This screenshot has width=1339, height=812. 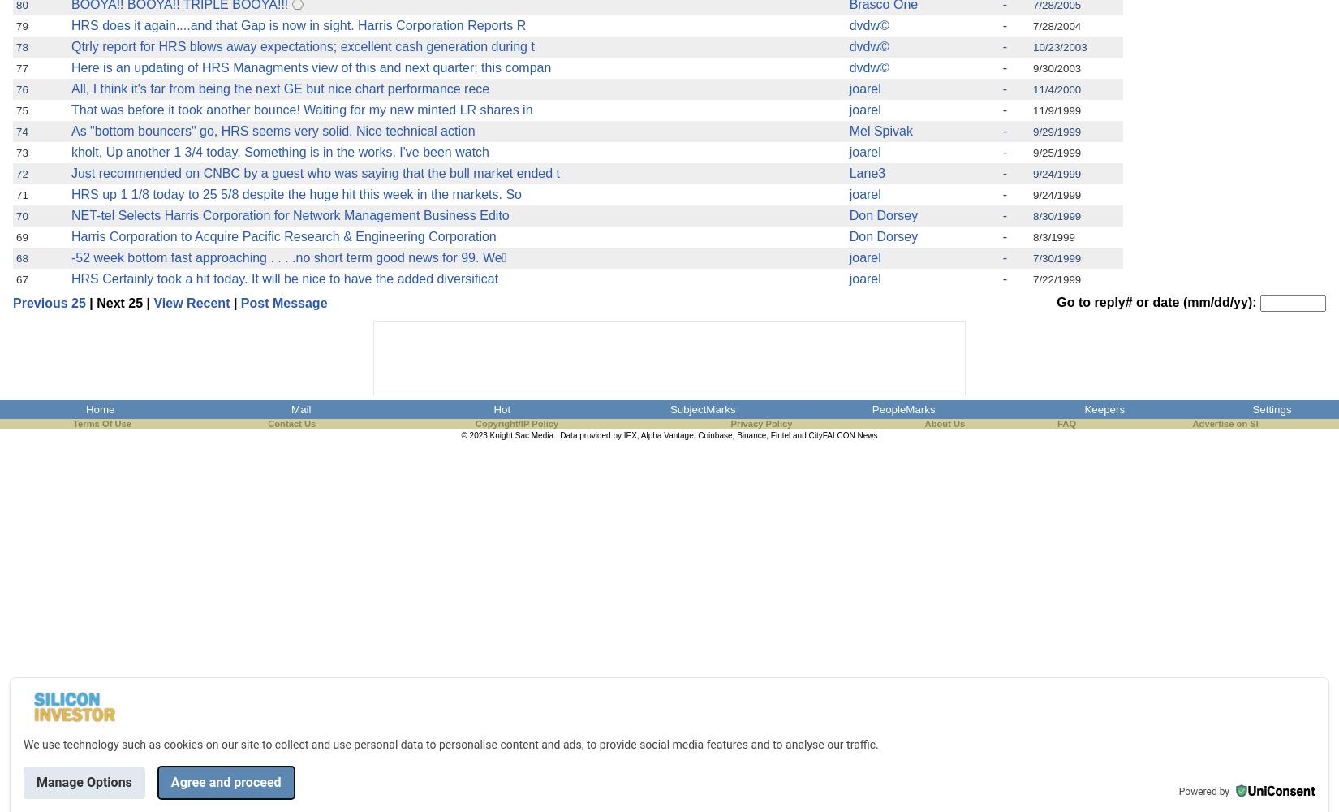 I want to click on '78', so click(x=22, y=46).